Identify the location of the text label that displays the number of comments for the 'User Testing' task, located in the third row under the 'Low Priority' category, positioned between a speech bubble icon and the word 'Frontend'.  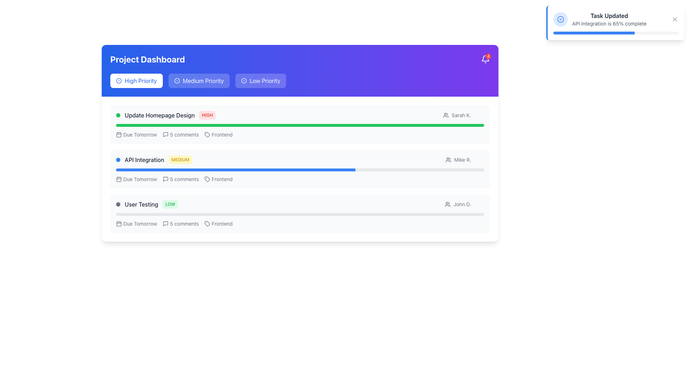
(184, 223).